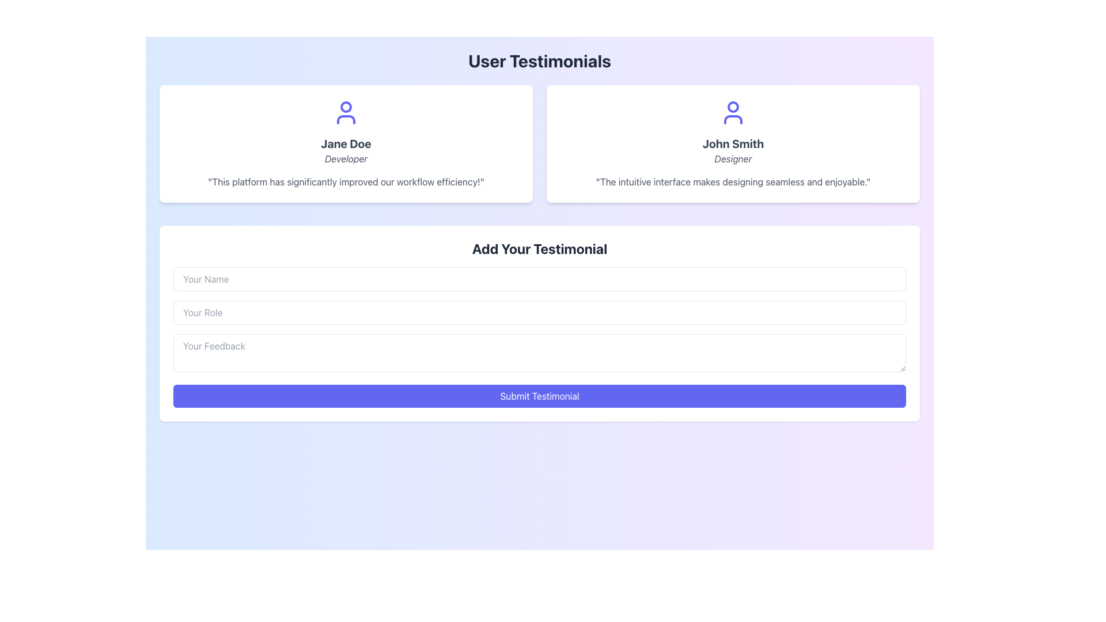 This screenshot has height=622, width=1106. I want to click on the lower semicircular base of the user SVG icon located in the top-left section of the testimonial cards under 'User Testimonials', so click(345, 120).